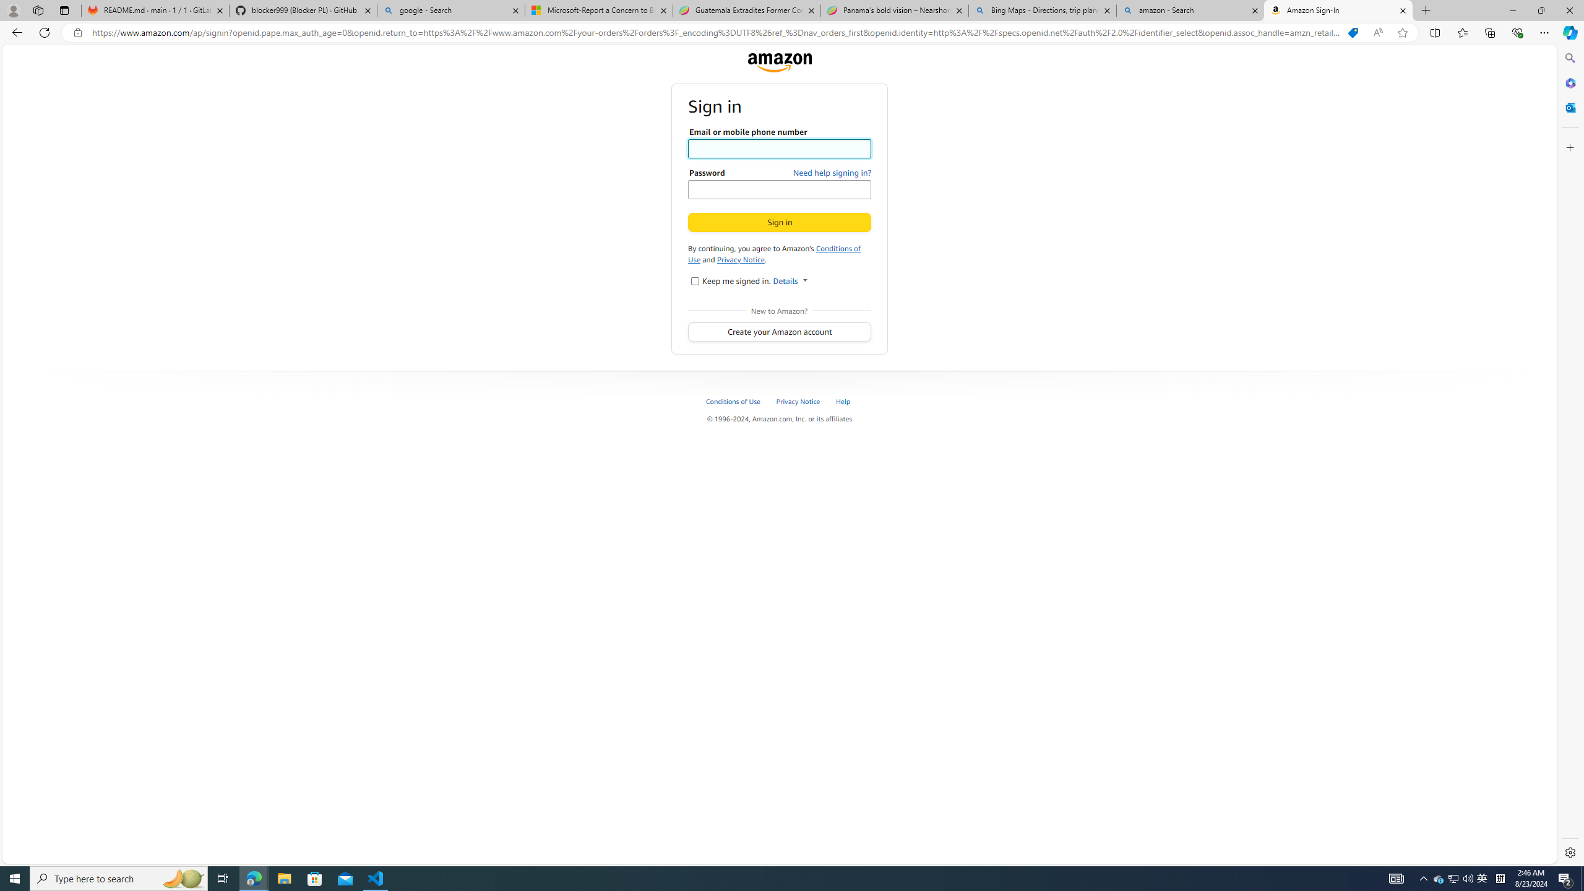  I want to click on 'Details ', so click(790, 280).